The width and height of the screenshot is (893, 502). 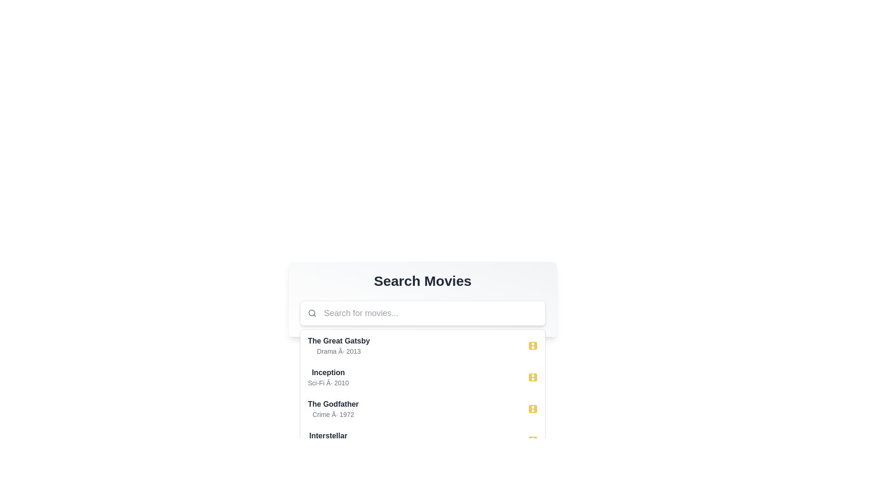 What do you see at coordinates (533, 377) in the screenshot?
I see `the small yellow film reel icon located at the far-right end of the movie listing row for 'Inception' (Sci-Fi · 2010)` at bounding box center [533, 377].